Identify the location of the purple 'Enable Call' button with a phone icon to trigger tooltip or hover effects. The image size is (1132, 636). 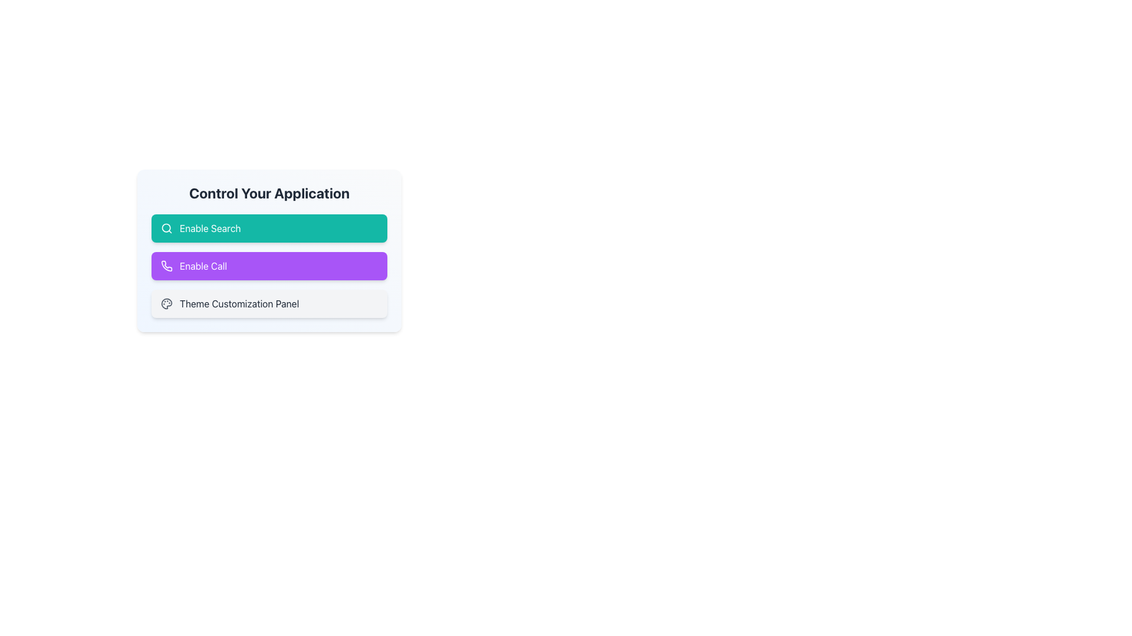
(268, 250).